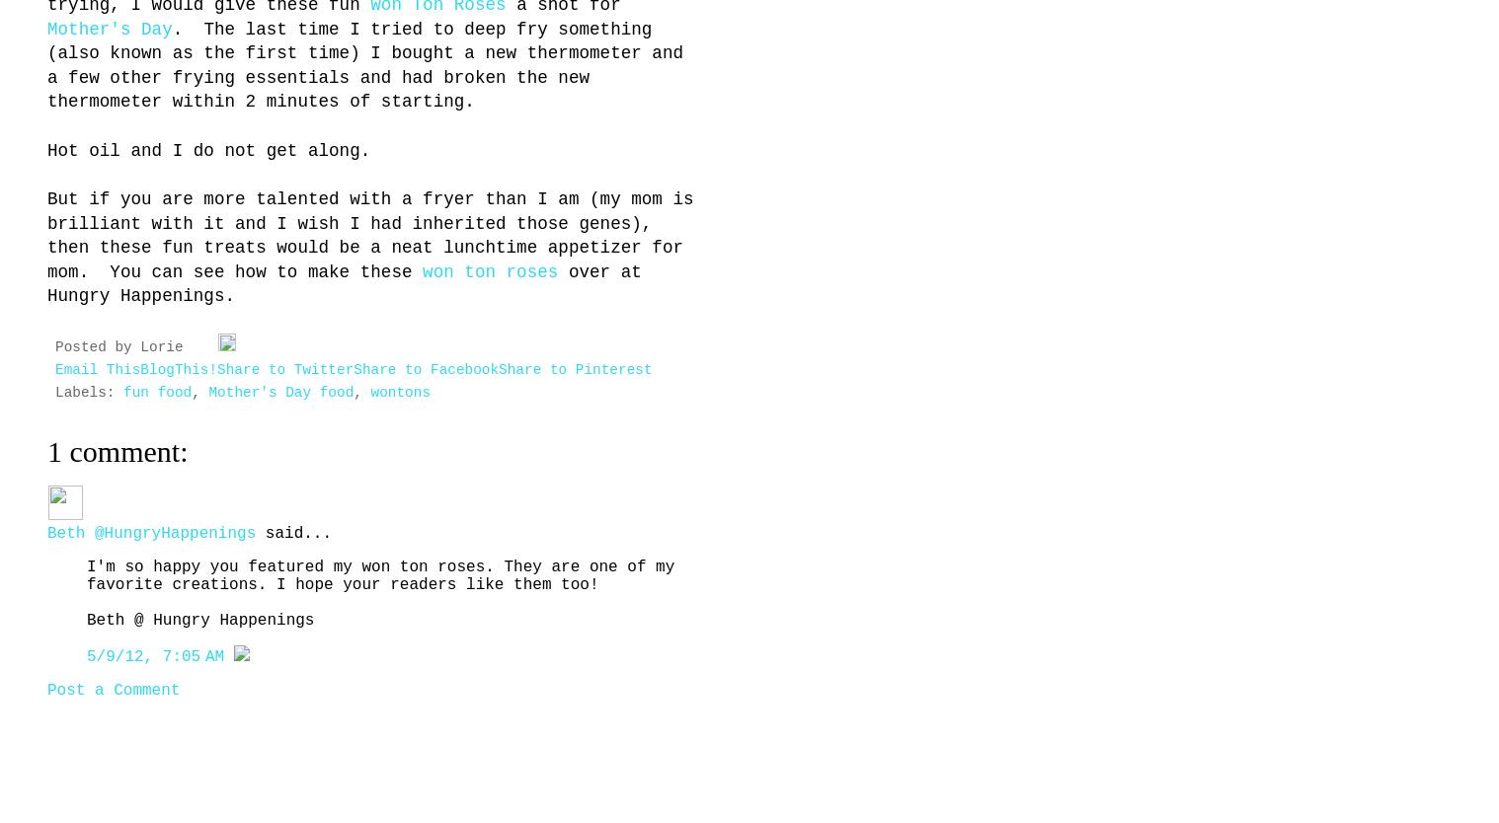 This screenshot has height=823, width=1499. I want to click on '.  The last time I tried to deep fry something (also known as the first time) I bought a new thermometer and a few other frying essentials and had broken the new thermometer within 2 minutes of starting.', so click(363, 64).